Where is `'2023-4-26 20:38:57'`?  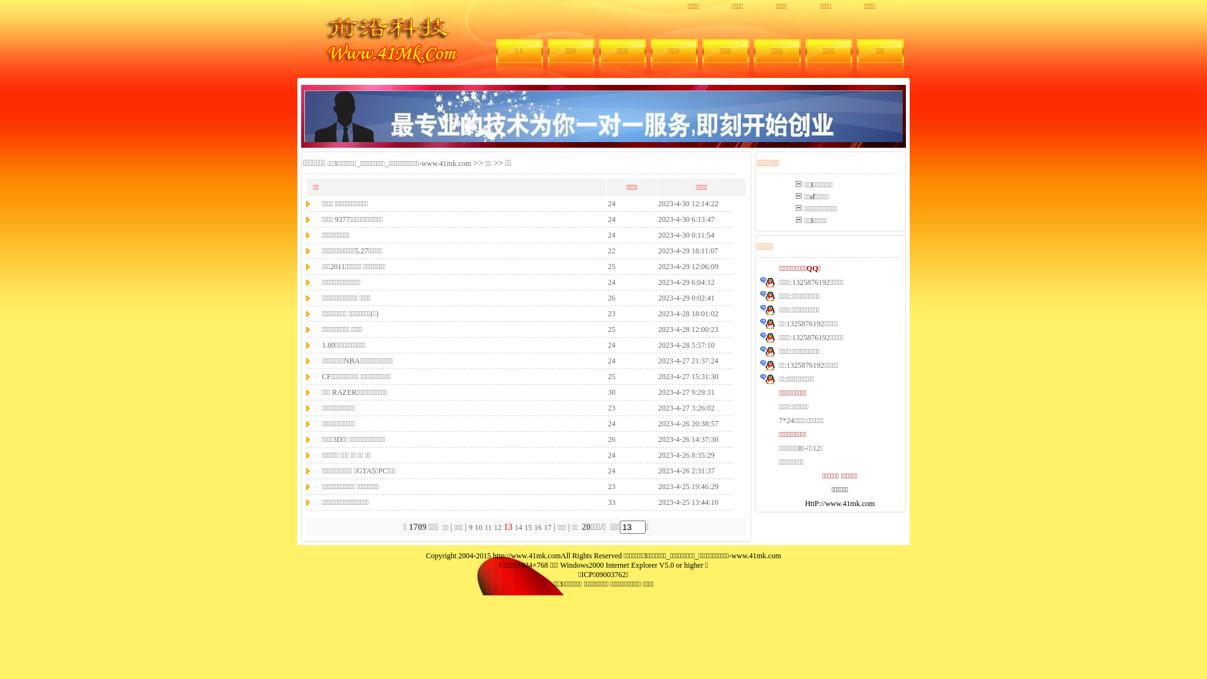 '2023-4-26 20:38:57' is located at coordinates (687, 422).